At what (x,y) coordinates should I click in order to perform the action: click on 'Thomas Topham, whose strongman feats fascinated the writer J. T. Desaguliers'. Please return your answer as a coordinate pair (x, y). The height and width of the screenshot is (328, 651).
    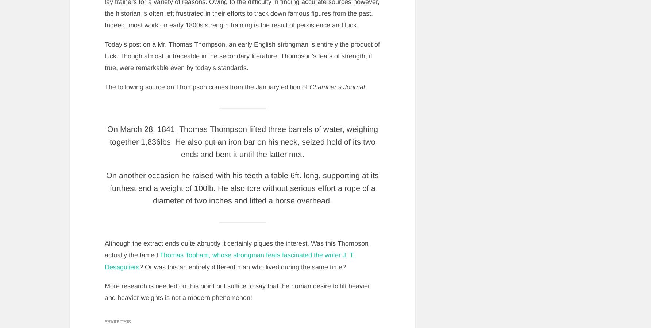
    Looking at the image, I should click on (229, 261).